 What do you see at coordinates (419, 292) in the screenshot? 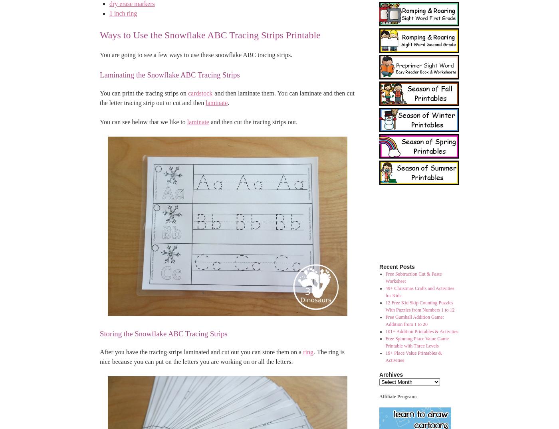
I see `'49+ Christmas Crafts and Activities for Kids'` at bounding box center [419, 292].